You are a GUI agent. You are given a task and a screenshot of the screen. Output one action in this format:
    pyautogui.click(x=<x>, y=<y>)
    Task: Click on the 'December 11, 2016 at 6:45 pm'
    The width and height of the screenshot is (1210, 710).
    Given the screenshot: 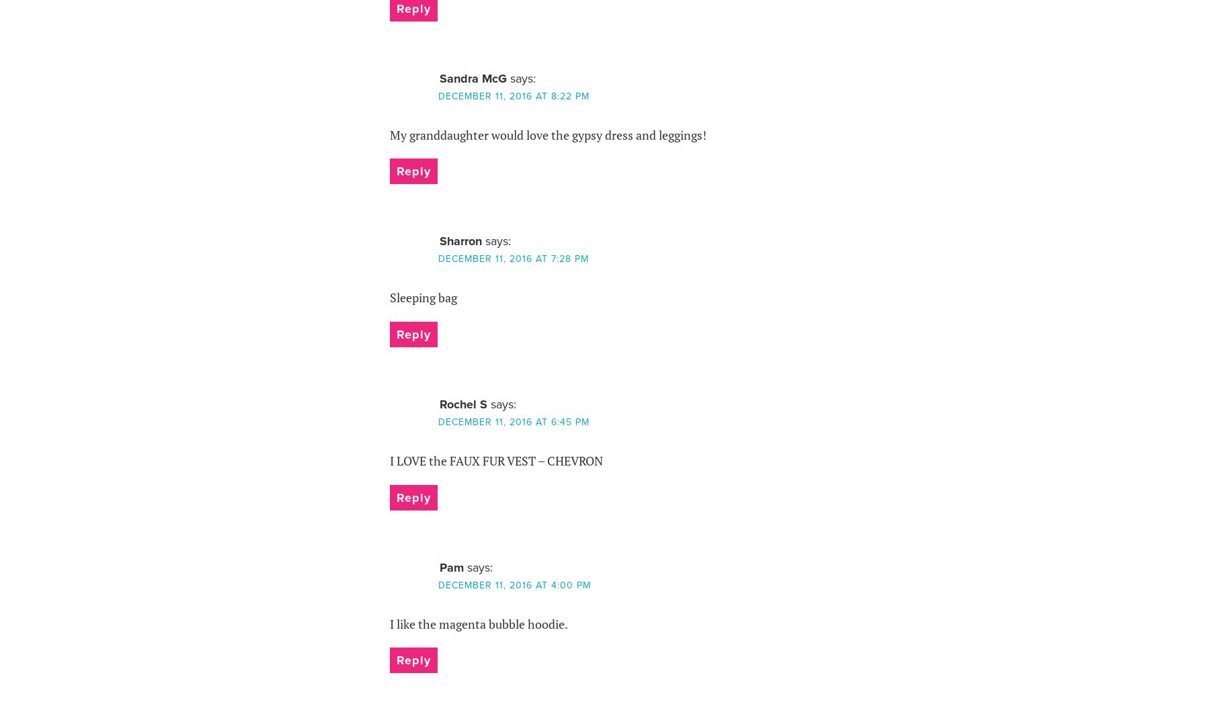 What is the action you would take?
    pyautogui.click(x=512, y=422)
    